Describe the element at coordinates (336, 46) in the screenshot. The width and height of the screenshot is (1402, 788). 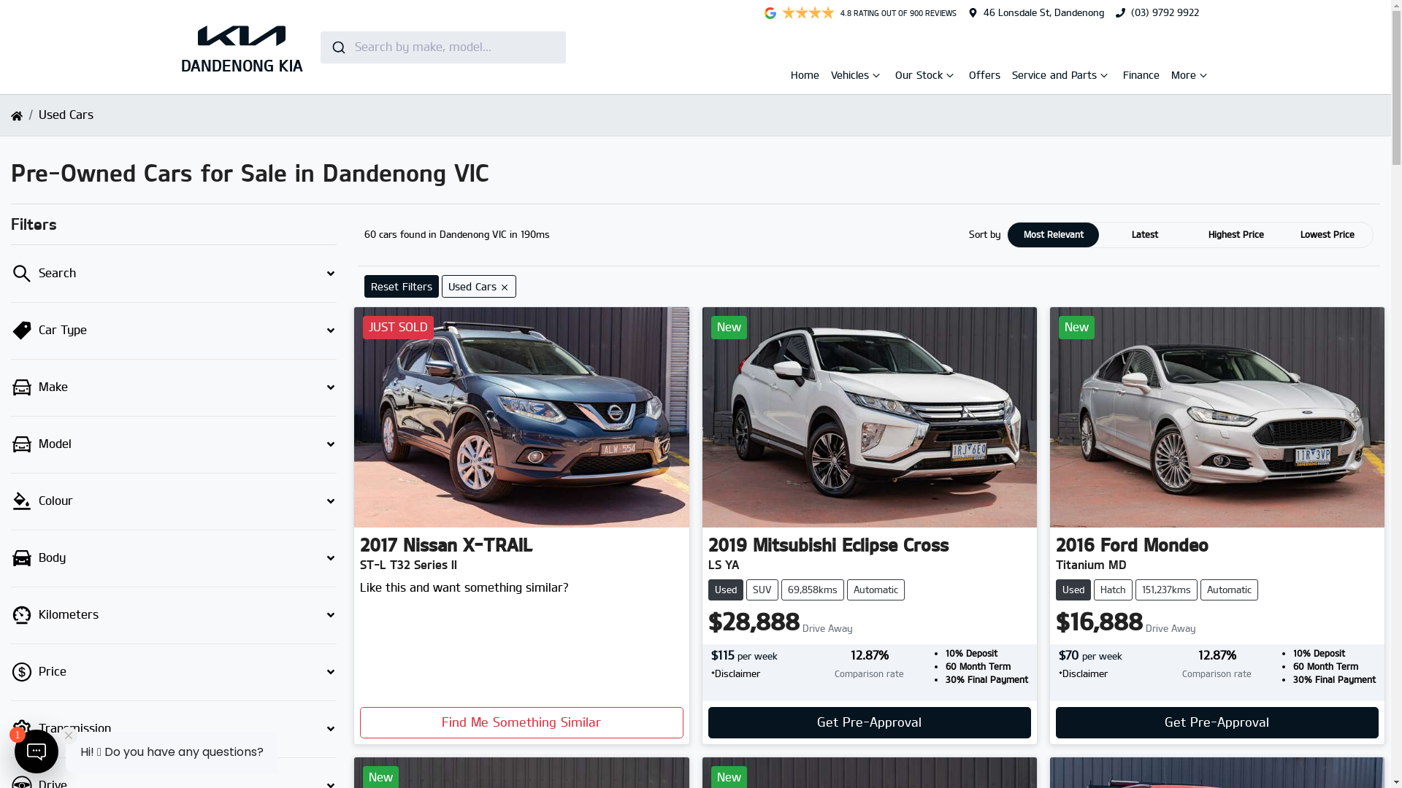
I see `'Submit'` at that location.